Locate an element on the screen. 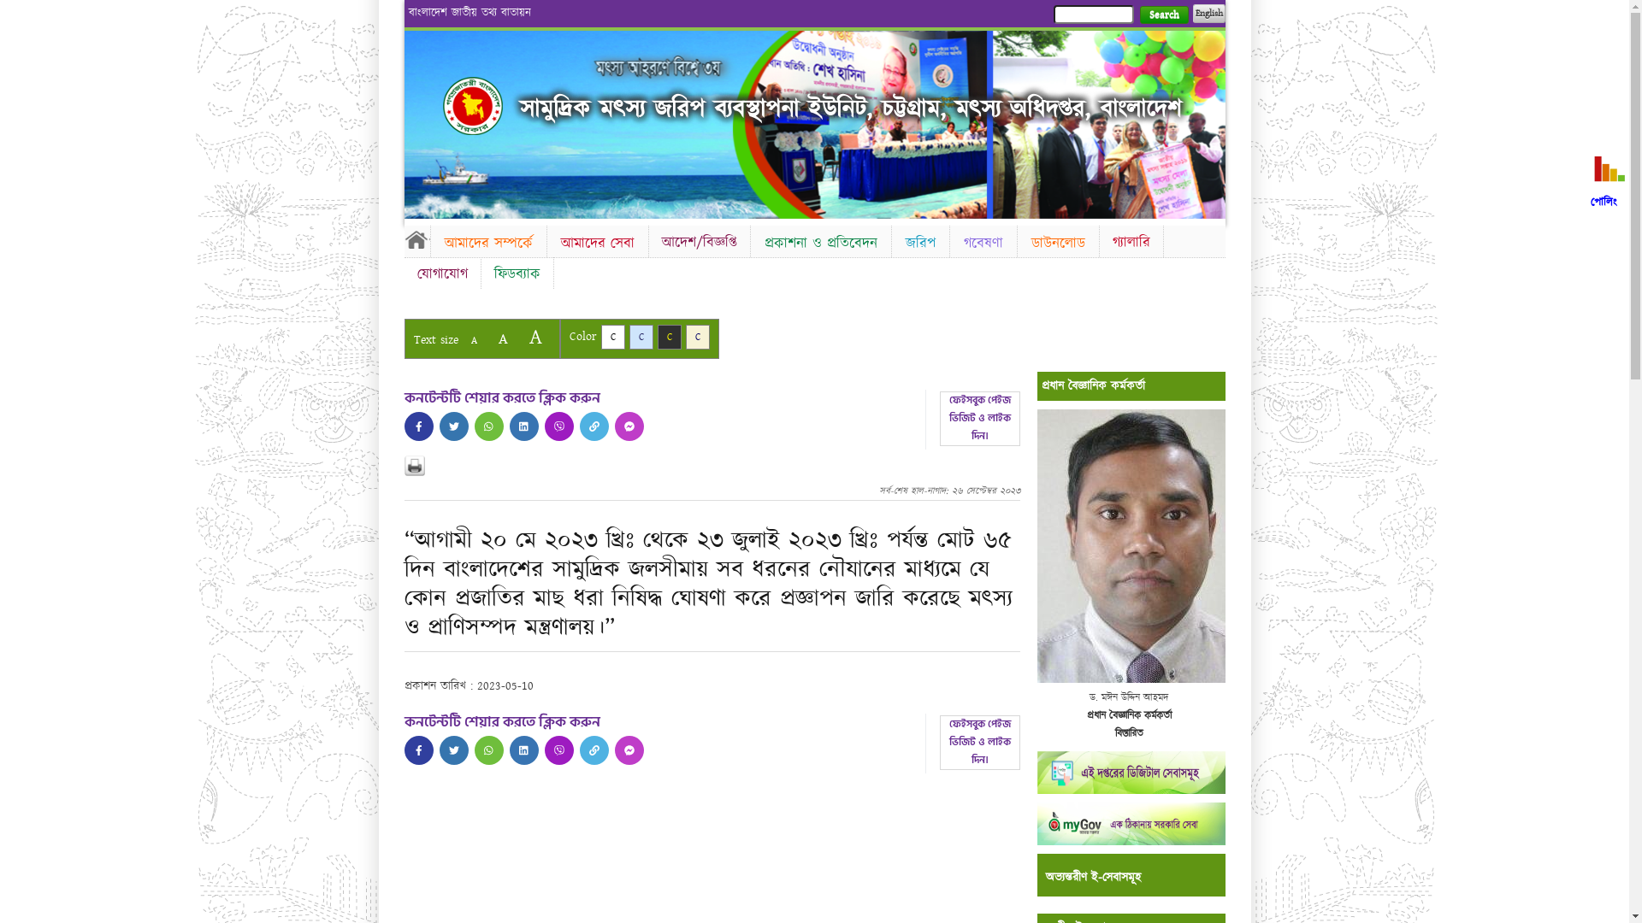  'C' is located at coordinates (600, 337).